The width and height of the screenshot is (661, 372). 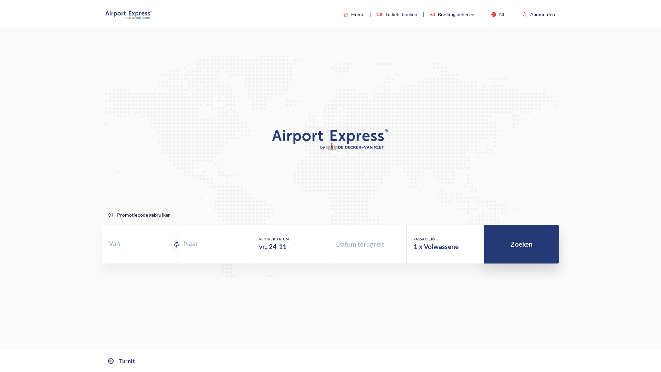 What do you see at coordinates (120, 361) in the screenshot?
I see `'Turnit'` at bounding box center [120, 361].